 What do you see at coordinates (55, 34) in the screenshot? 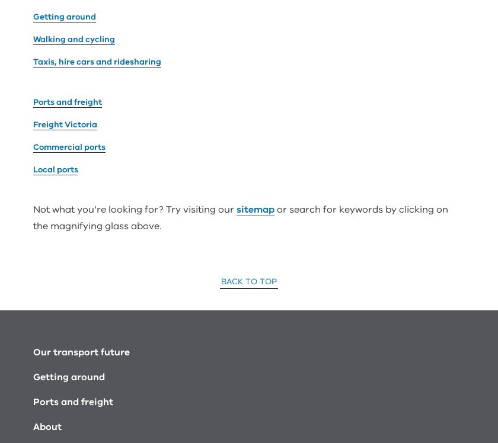
I see `'Local ports'` at bounding box center [55, 34].